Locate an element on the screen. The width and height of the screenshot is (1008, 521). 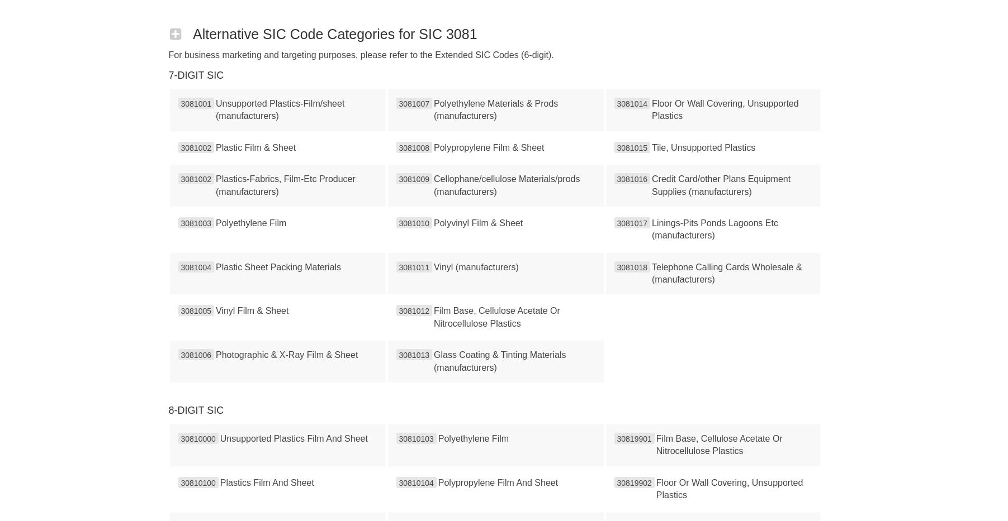
'Unsupported Plastics-Film/sheet (manufacturers)' is located at coordinates (280, 109).